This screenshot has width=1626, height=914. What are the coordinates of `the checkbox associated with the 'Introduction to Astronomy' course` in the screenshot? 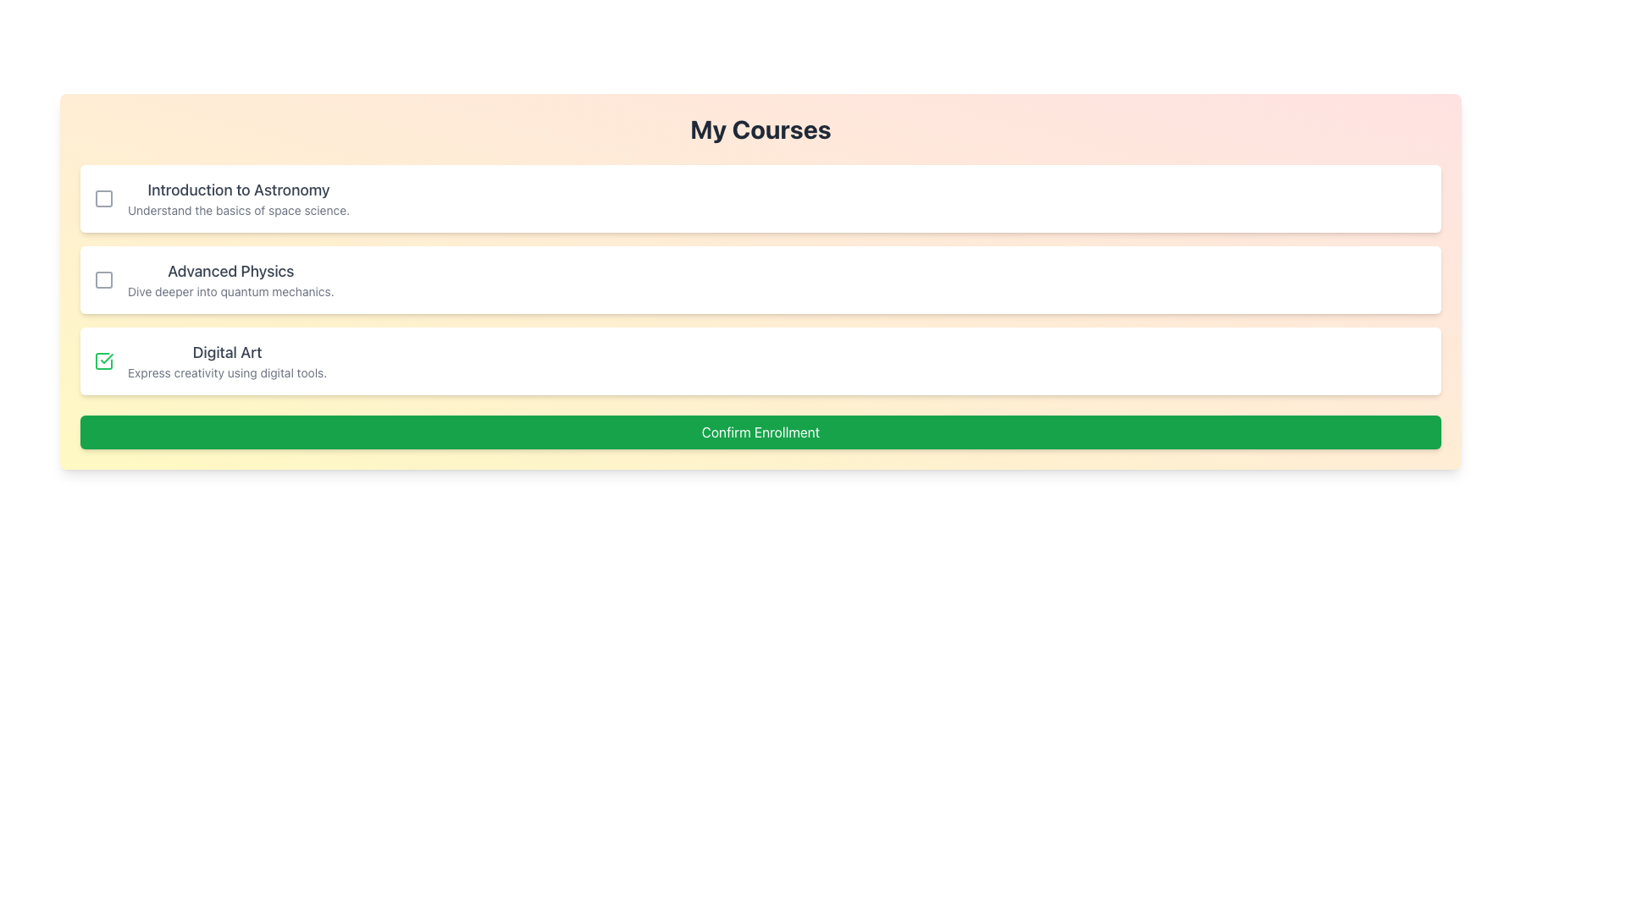 It's located at (103, 198).